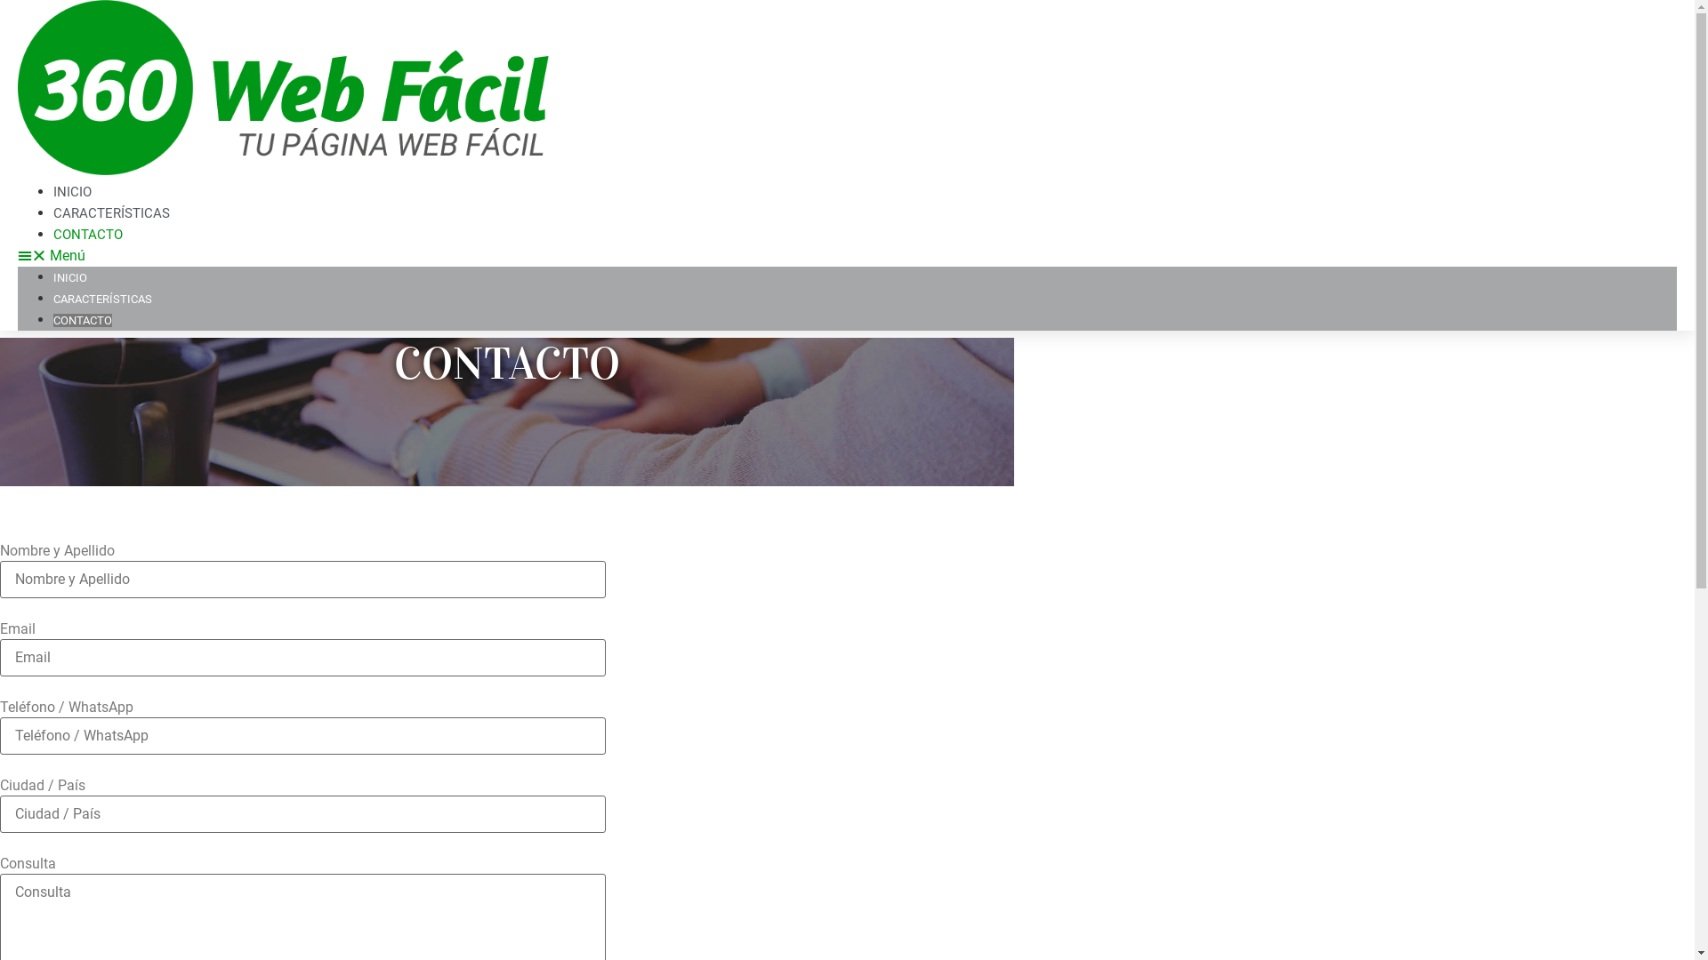 The image size is (1708, 960). I want to click on 'CONTACTO', so click(87, 233).